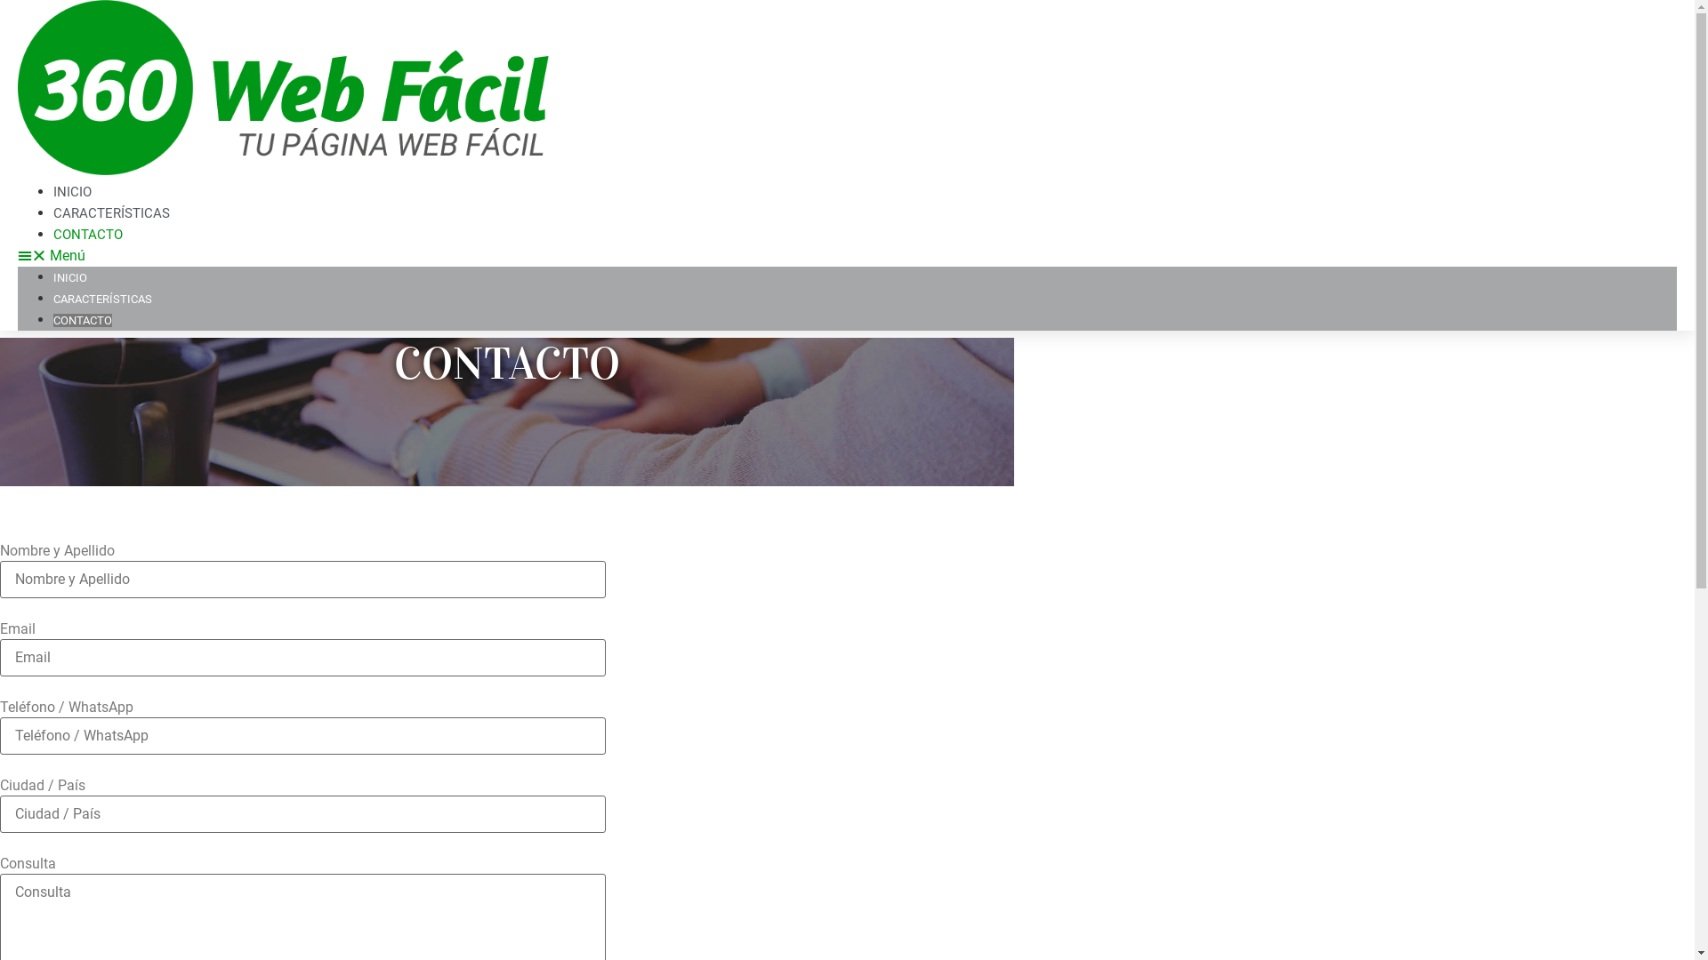 The image size is (1708, 960). I want to click on 'CONTACTO', so click(87, 233).